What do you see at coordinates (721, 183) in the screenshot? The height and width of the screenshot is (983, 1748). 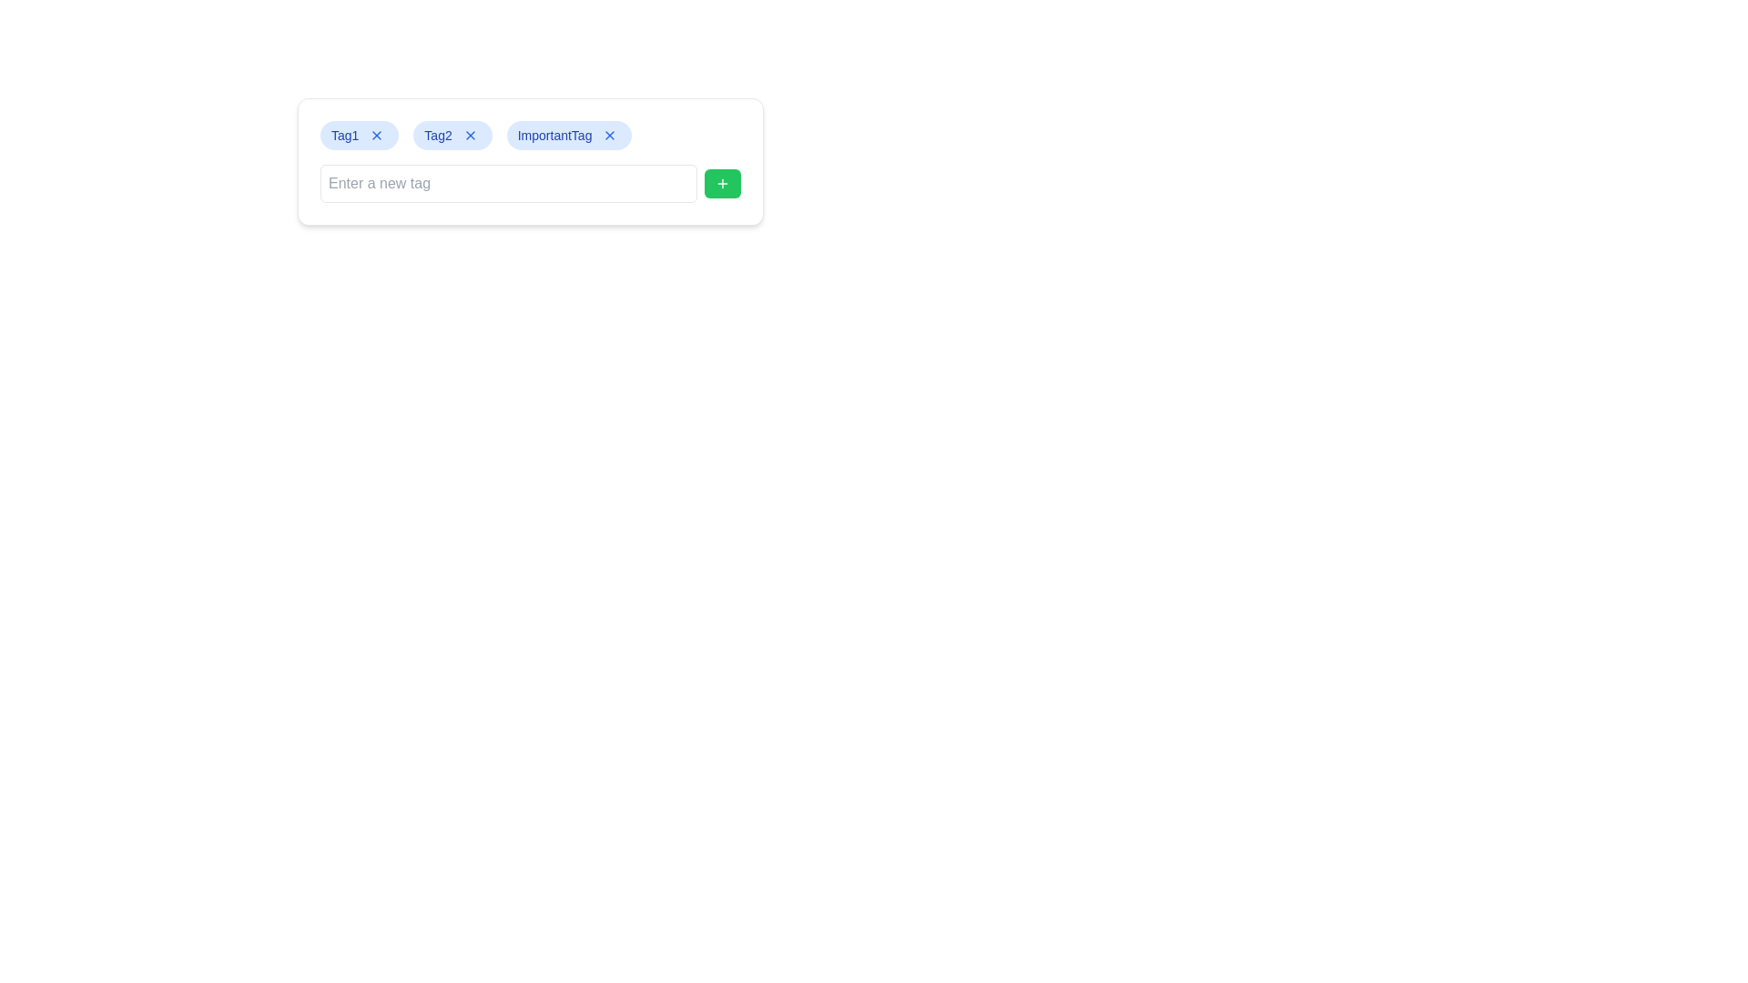 I see `the green rectangular button with a white cross symbol` at bounding box center [721, 183].